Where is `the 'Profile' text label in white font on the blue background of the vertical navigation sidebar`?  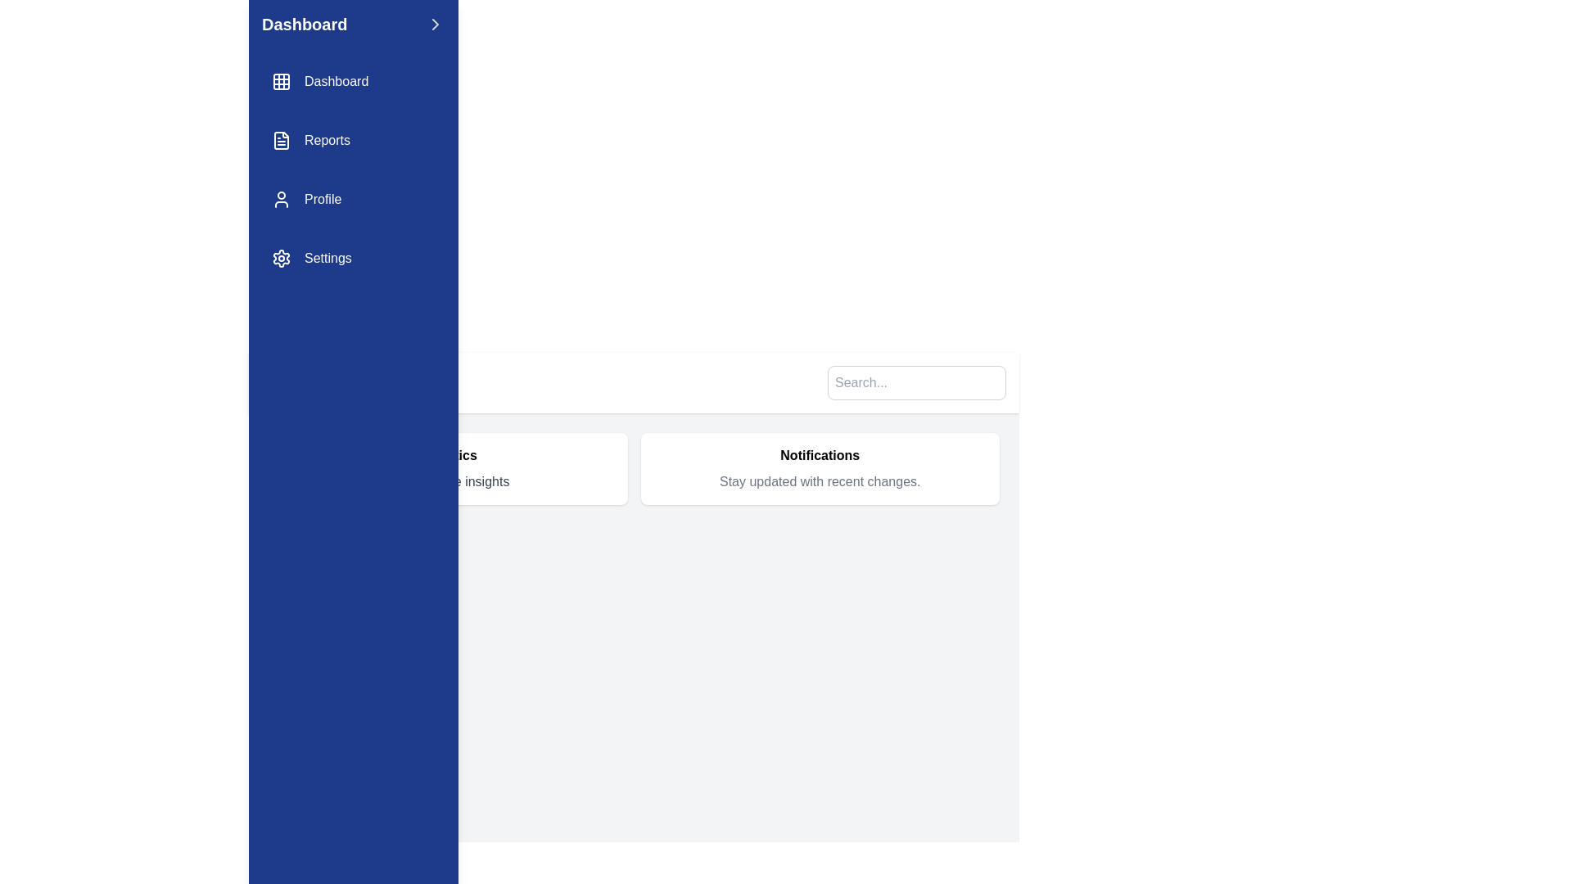
the 'Profile' text label in white font on the blue background of the vertical navigation sidebar is located at coordinates (323, 198).